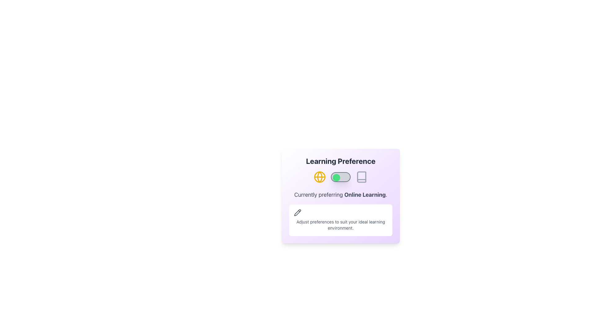 This screenshot has height=332, width=591. What do you see at coordinates (362, 177) in the screenshot?
I see `the book icon in the 'Learning Preference' section` at bounding box center [362, 177].